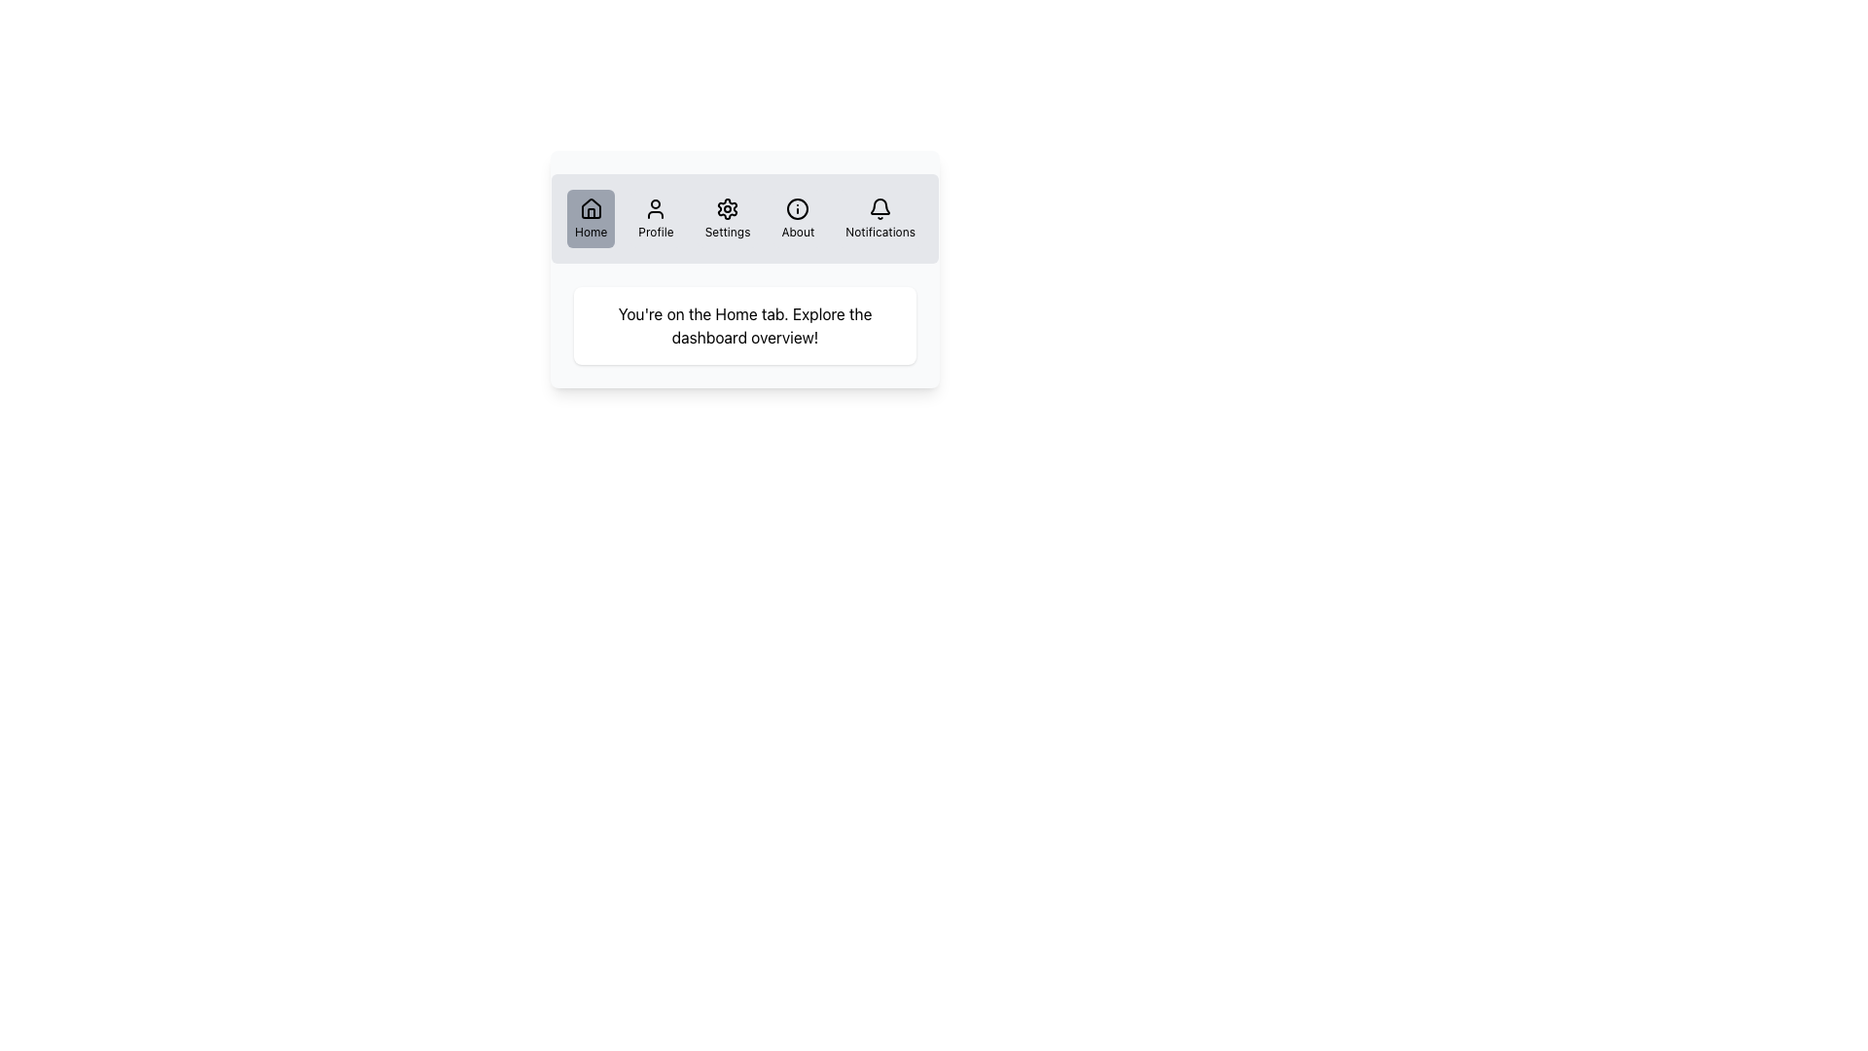 The height and width of the screenshot is (1051, 1868). Describe the element at coordinates (880, 218) in the screenshot. I see `the Notifications button, which is a vertically oriented button with a bell icon and light gray background located in the far right of the navigation menu` at that location.